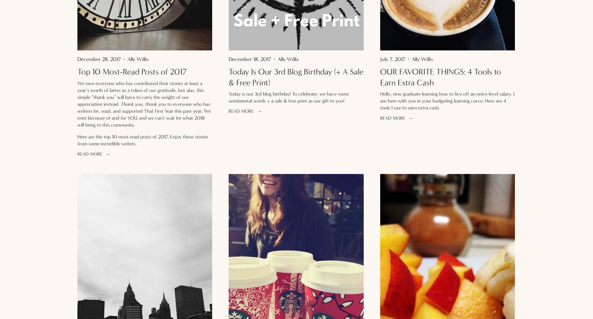  I want to click on 'December 18, 2017', so click(249, 59).